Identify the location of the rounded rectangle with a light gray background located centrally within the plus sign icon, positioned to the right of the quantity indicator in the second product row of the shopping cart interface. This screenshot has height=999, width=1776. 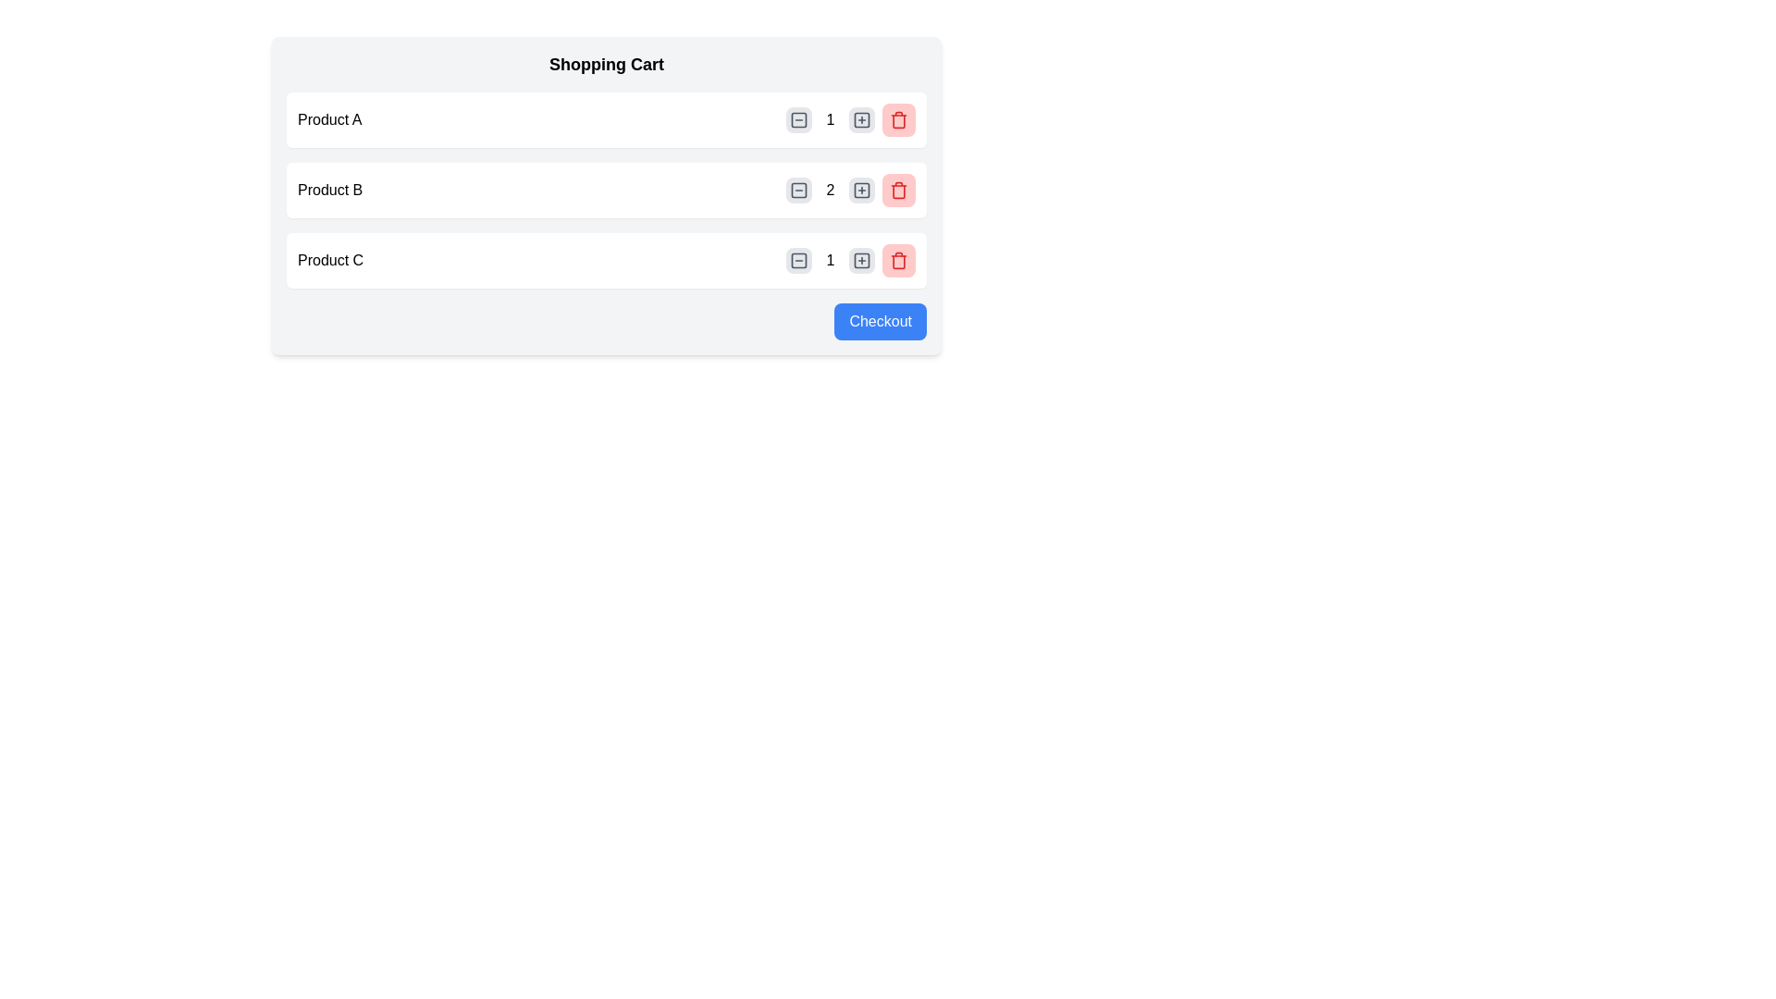
(860, 190).